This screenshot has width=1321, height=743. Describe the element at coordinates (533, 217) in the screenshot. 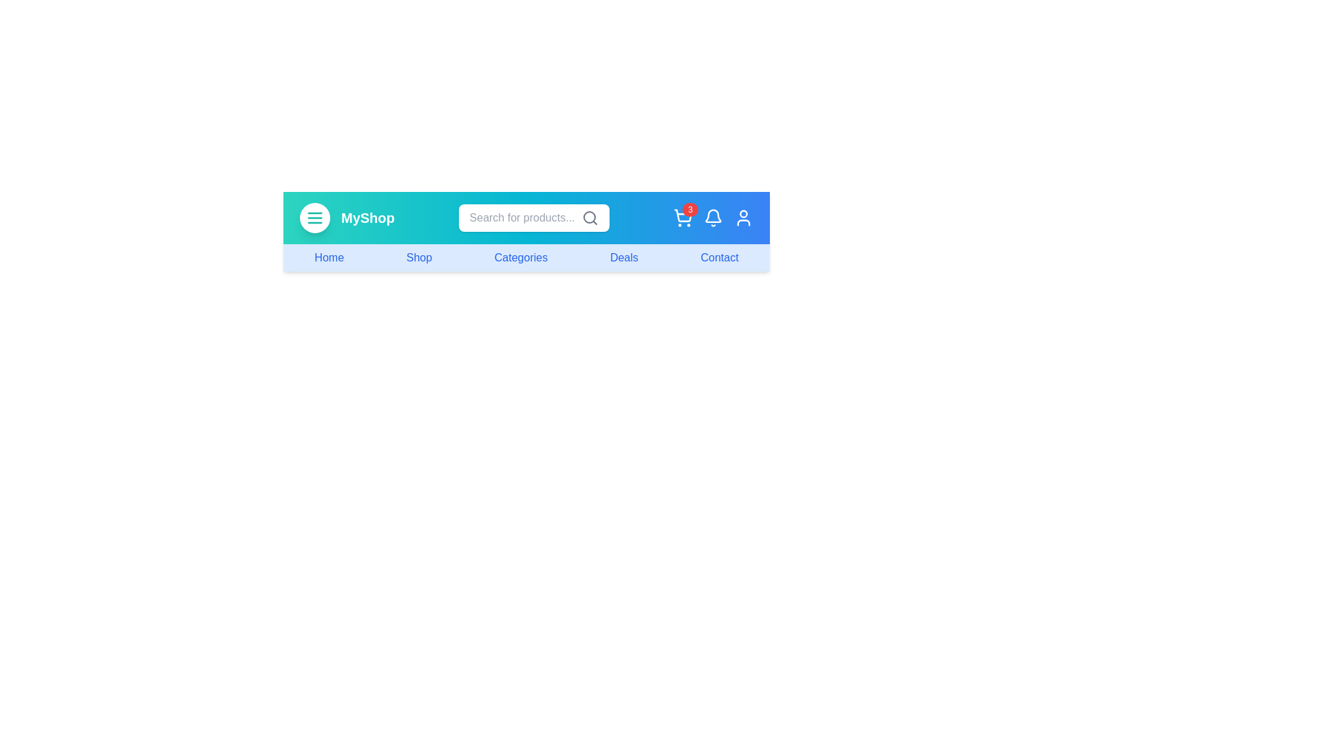

I see `the search field and type the desired text` at that location.